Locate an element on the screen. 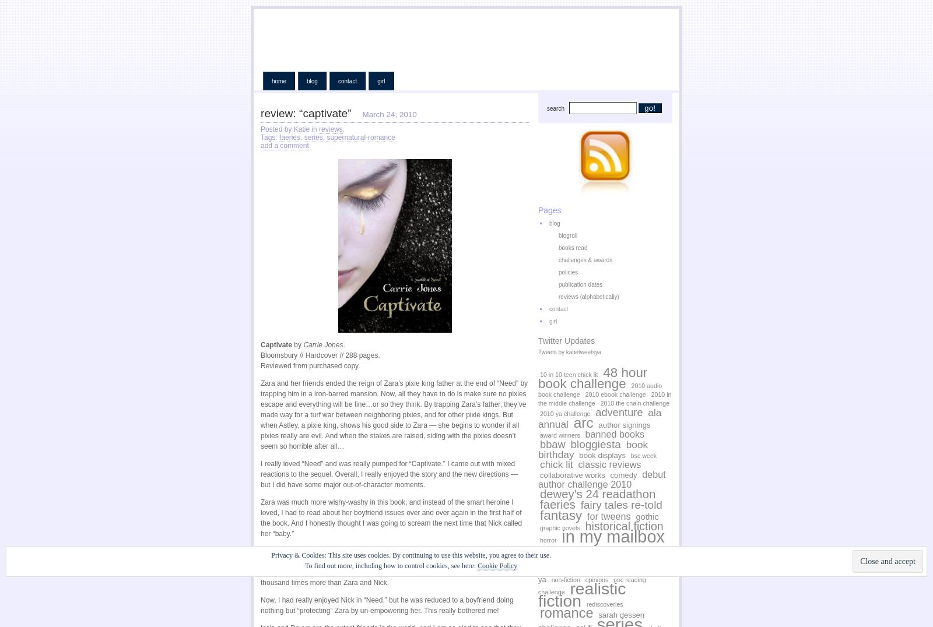 The image size is (933, 627). 'for tweens' is located at coordinates (609, 516).